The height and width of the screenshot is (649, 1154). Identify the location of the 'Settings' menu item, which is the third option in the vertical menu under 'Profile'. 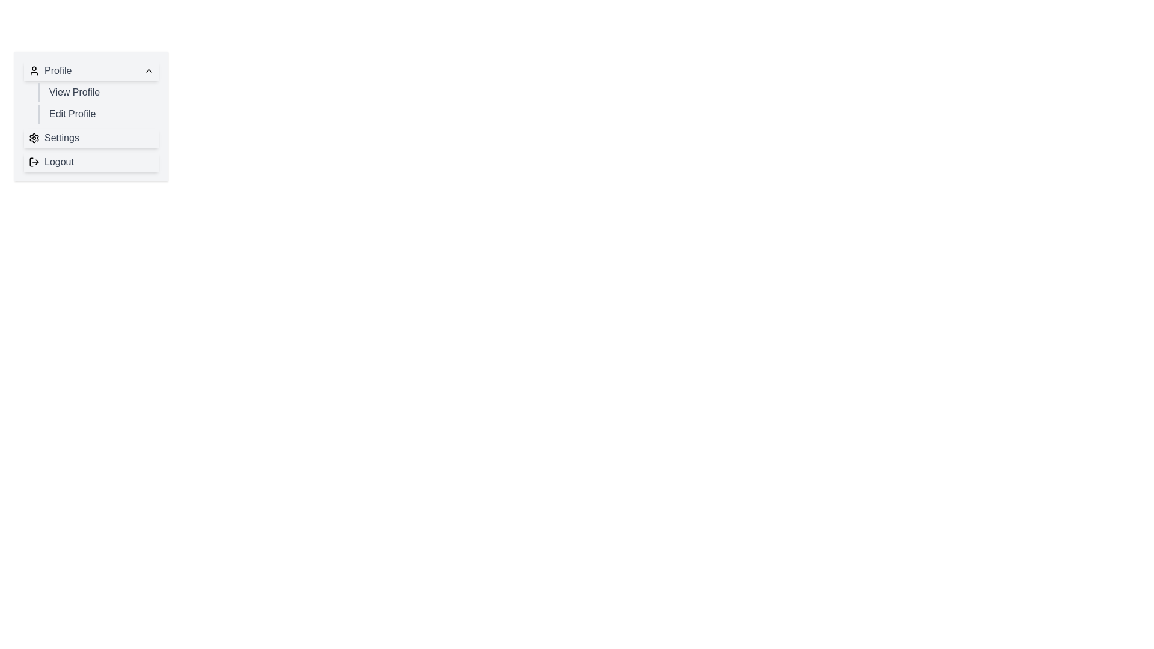
(91, 138).